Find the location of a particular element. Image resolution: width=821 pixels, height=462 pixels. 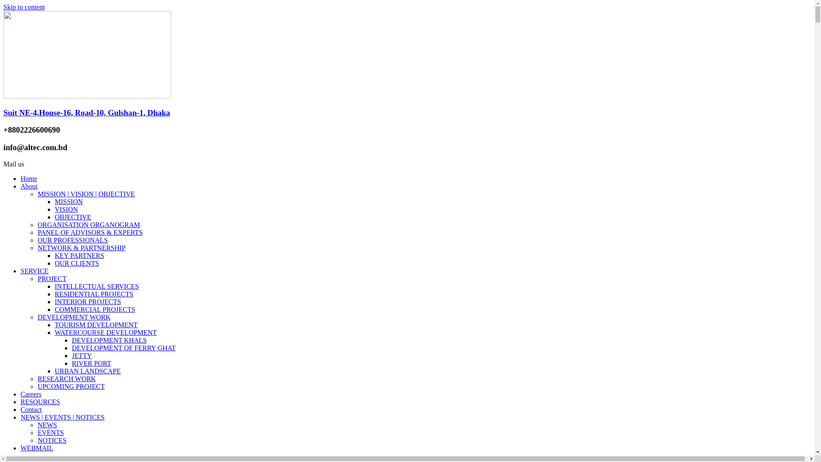

'NEWS' is located at coordinates (47, 425).